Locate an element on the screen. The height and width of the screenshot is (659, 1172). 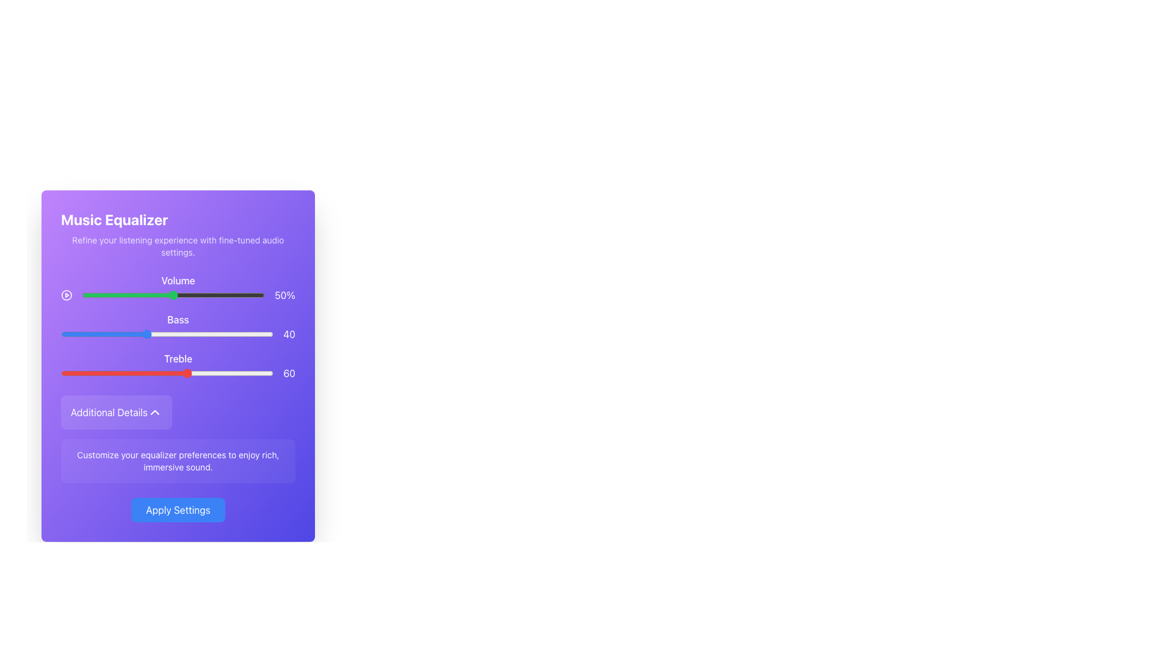
the chevron-up icon located to the right of the 'Additional Details' text in the Music Equalizer interface is located at coordinates (154, 412).